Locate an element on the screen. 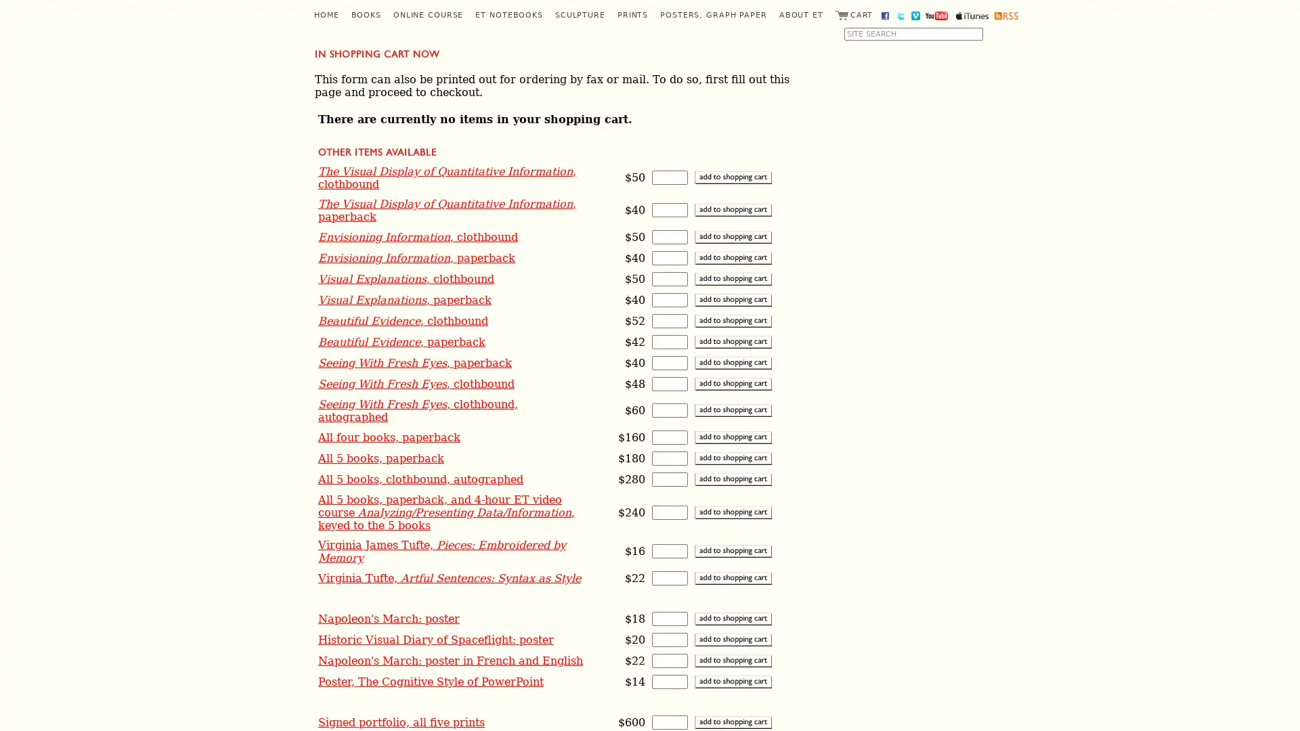 The height and width of the screenshot is (731, 1300). add to shopping cart is located at coordinates (733, 278).